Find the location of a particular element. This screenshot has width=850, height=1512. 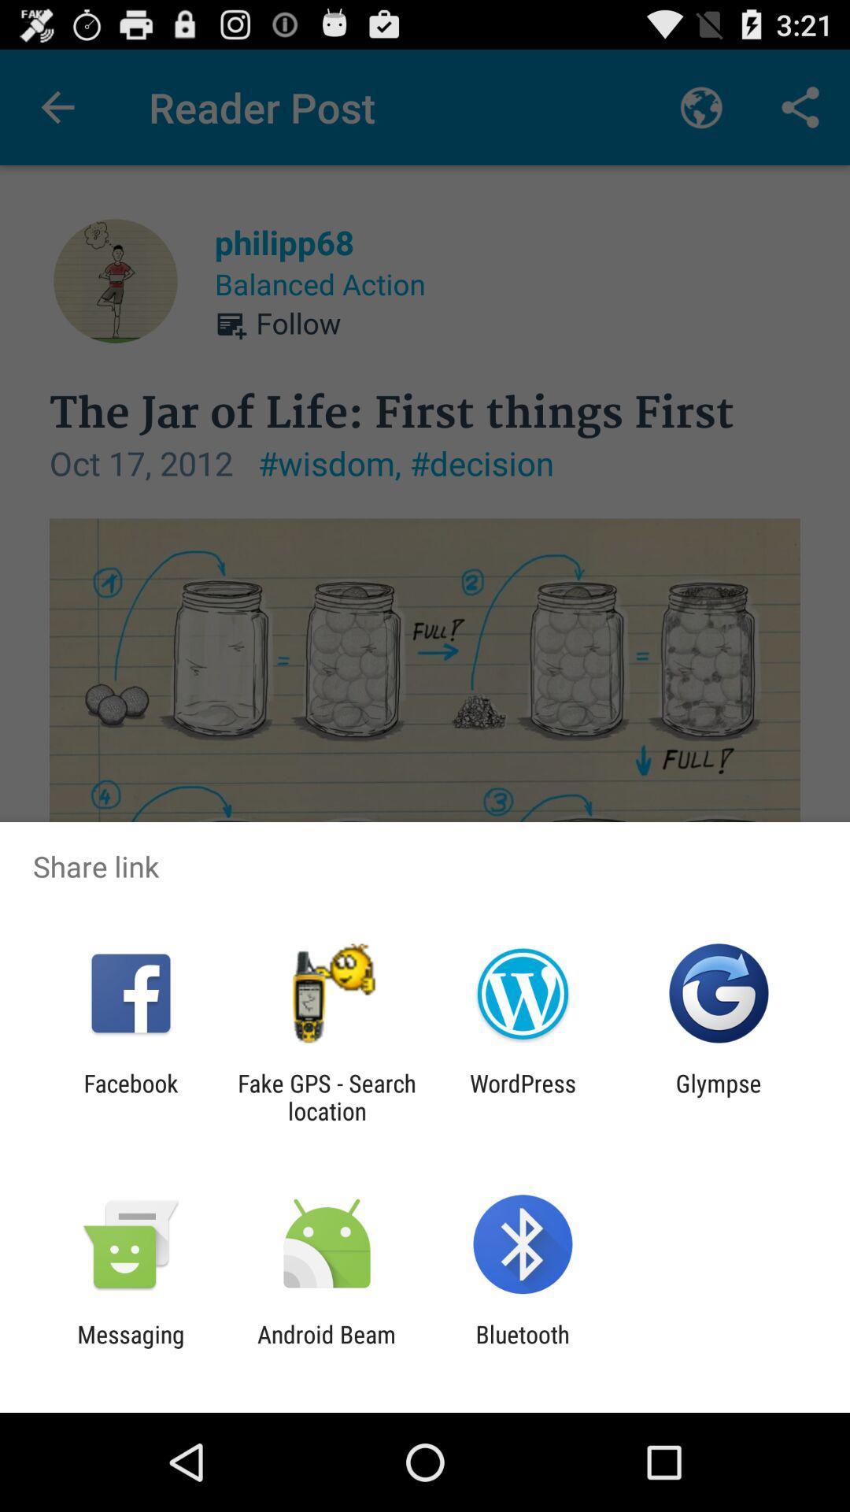

the app to the left of wordpress item is located at coordinates (326, 1096).